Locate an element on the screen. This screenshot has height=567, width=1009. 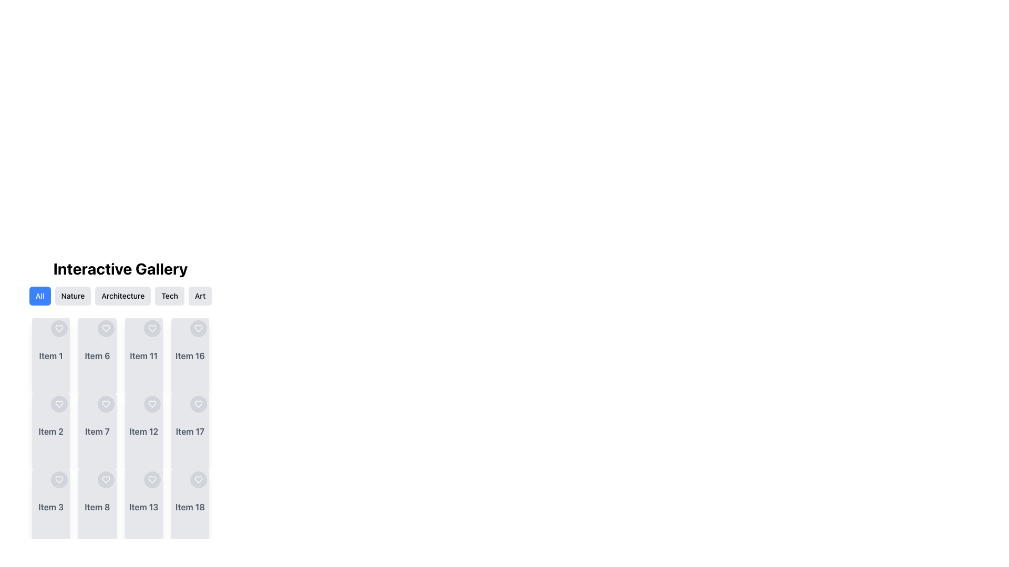
the favoriting icon located in the second column and third row of the grid layout for 'Item 7' is located at coordinates (106, 404).